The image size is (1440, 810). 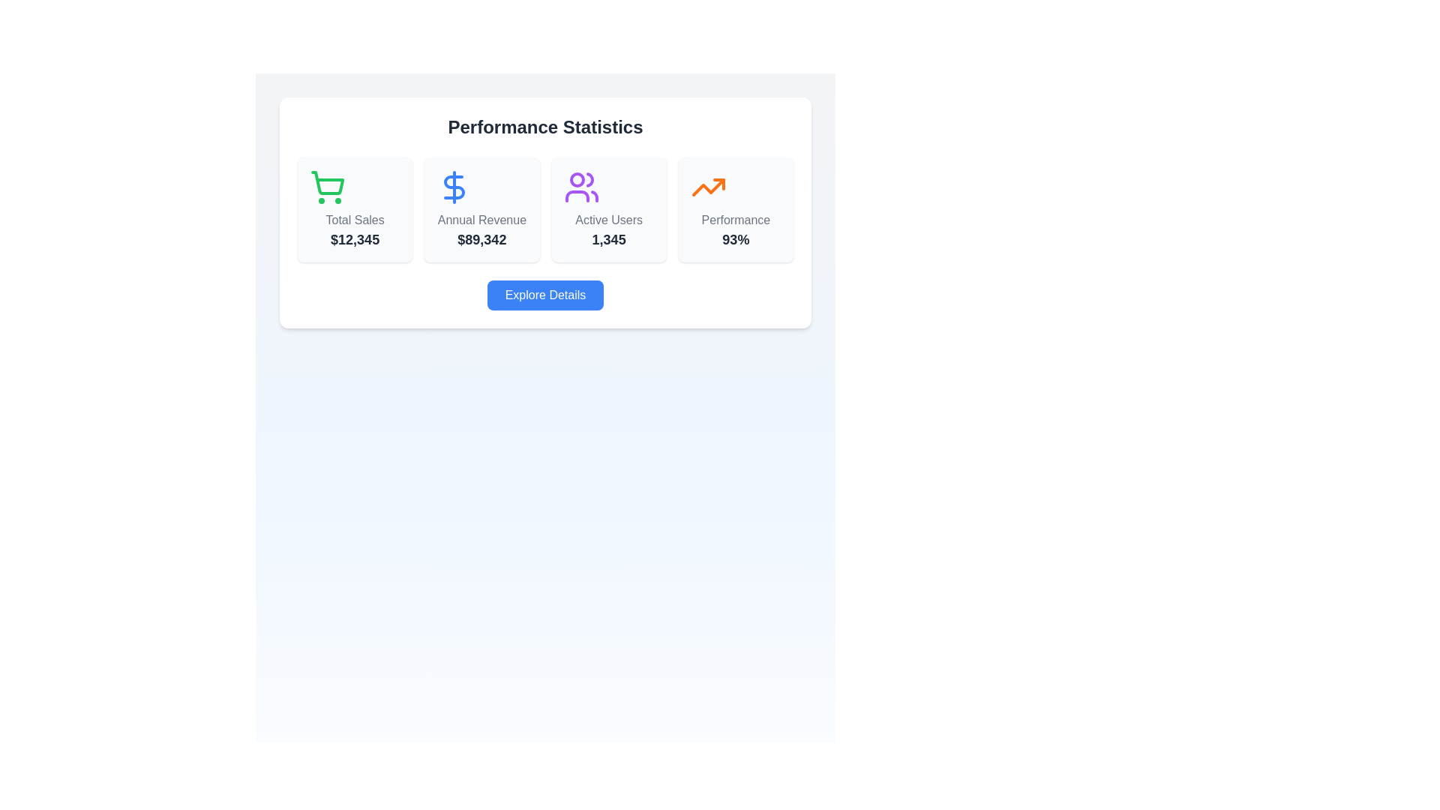 What do you see at coordinates (327, 182) in the screenshot?
I see `the central part of the shopping cart icon, which is part of the SVG graphic in the 'Total Sales' card, located below the 'Performance Statistics' header` at bounding box center [327, 182].